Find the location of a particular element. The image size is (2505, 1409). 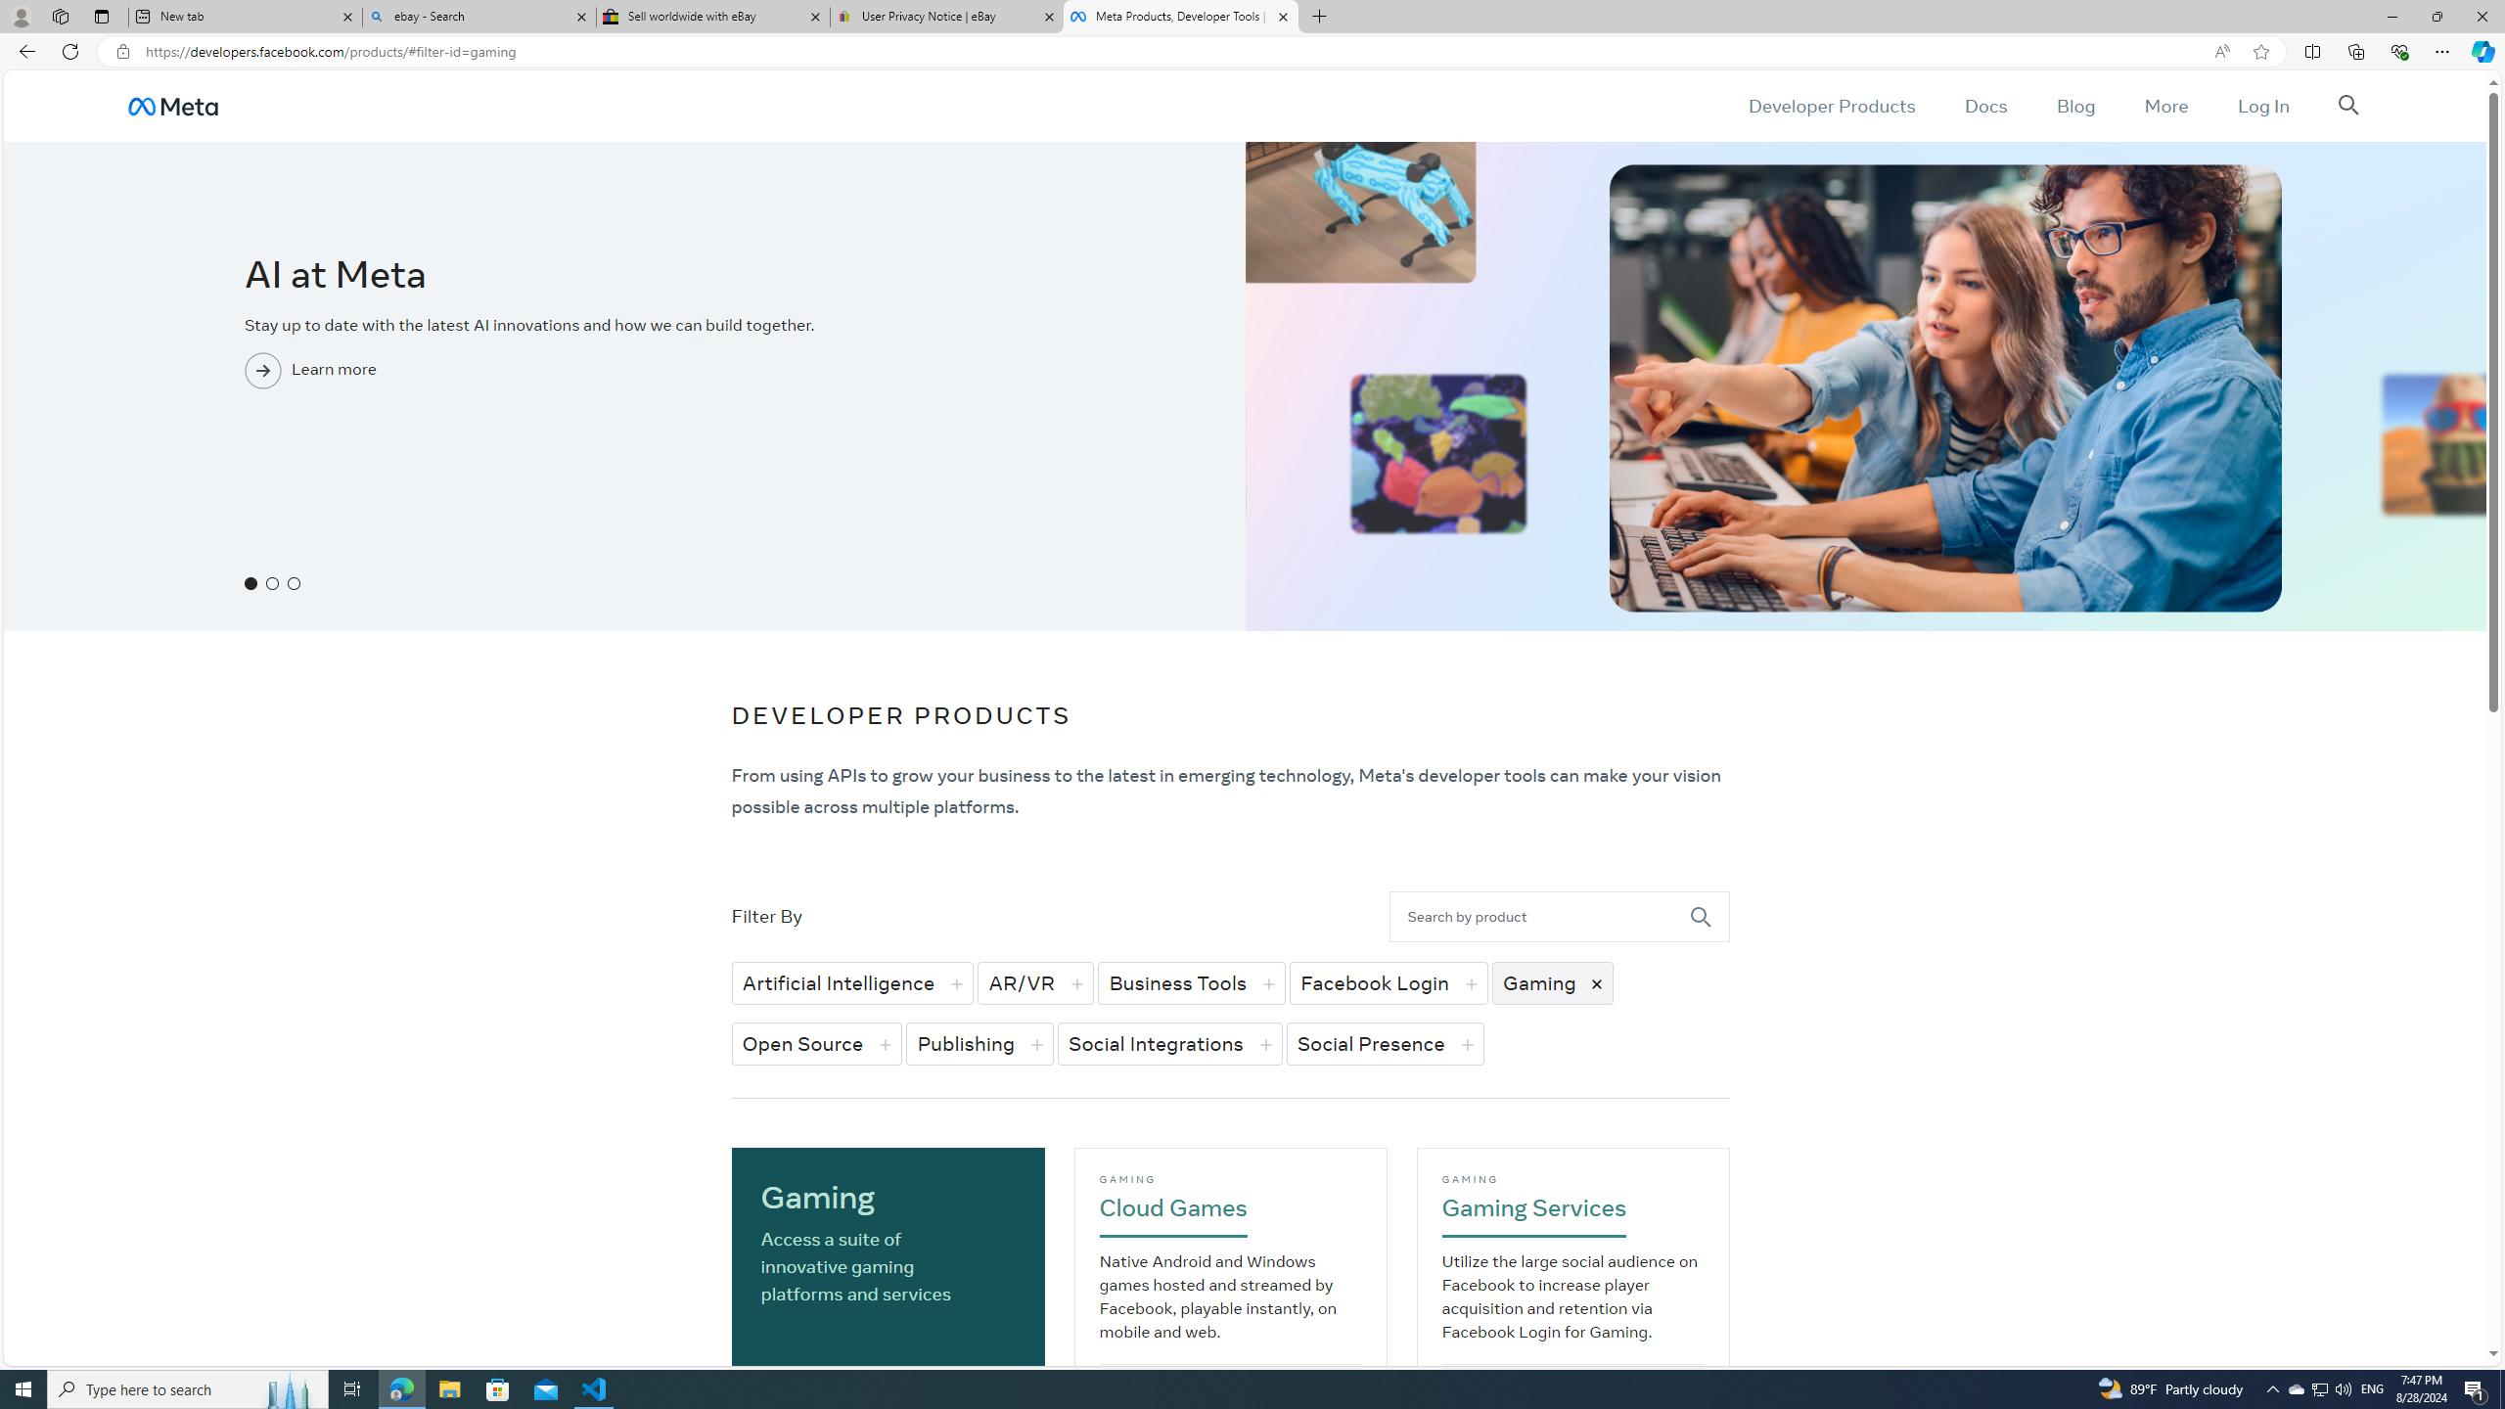

'Meta Products, Developer Tools | Meta for Developers' is located at coordinates (1178, 16).